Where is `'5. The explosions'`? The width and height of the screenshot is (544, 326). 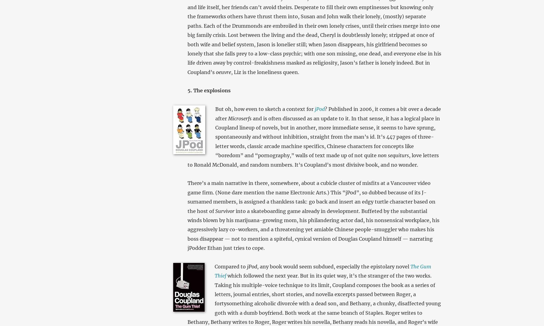
'5. The explosions' is located at coordinates (209, 90).